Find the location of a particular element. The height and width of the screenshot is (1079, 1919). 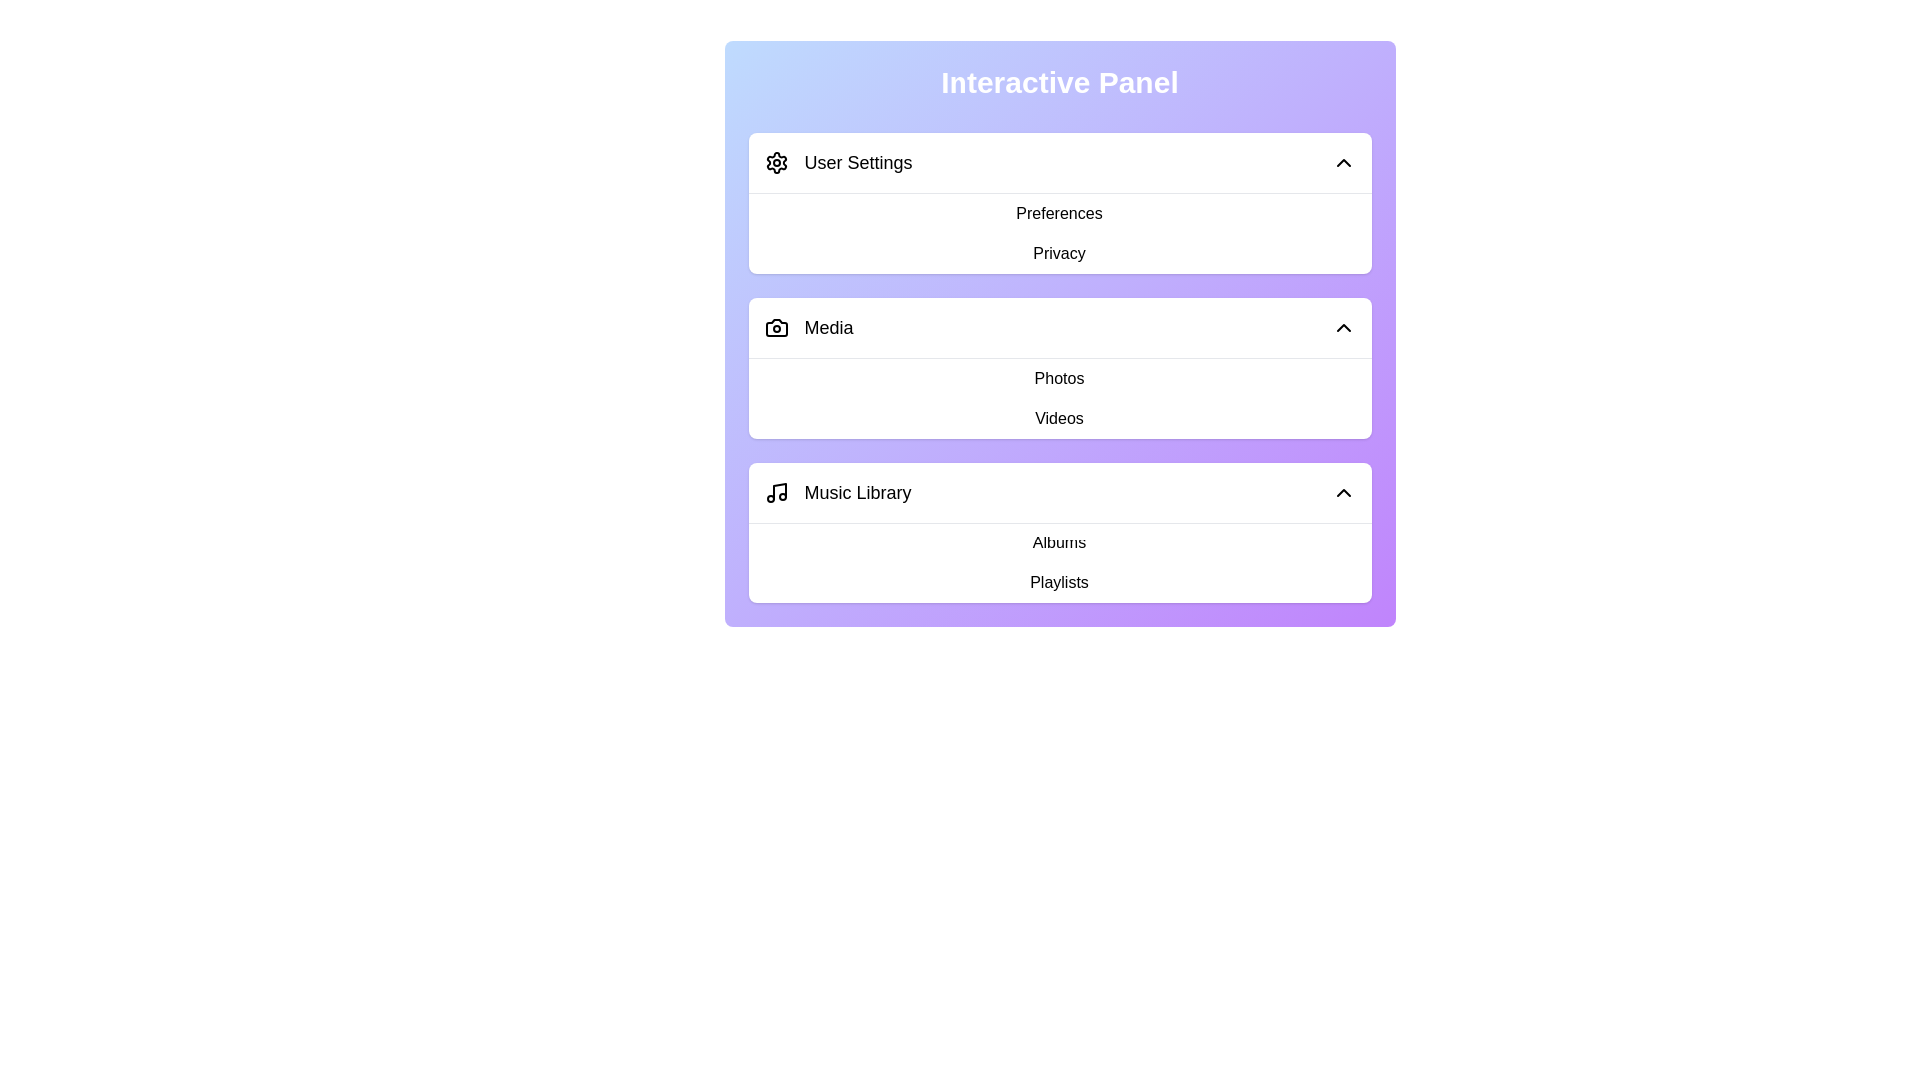

the item Privacy from the section User Settings is located at coordinates (800, 249).